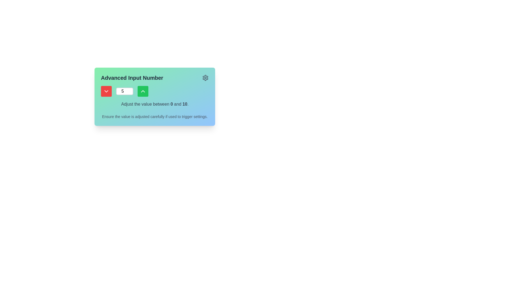  Describe the element at coordinates (171, 104) in the screenshot. I see `the static text element representing the lower bound of the range, which is the first numeric value '0' in the sentence 'Adjust the value between 0 and 10.'` at that location.